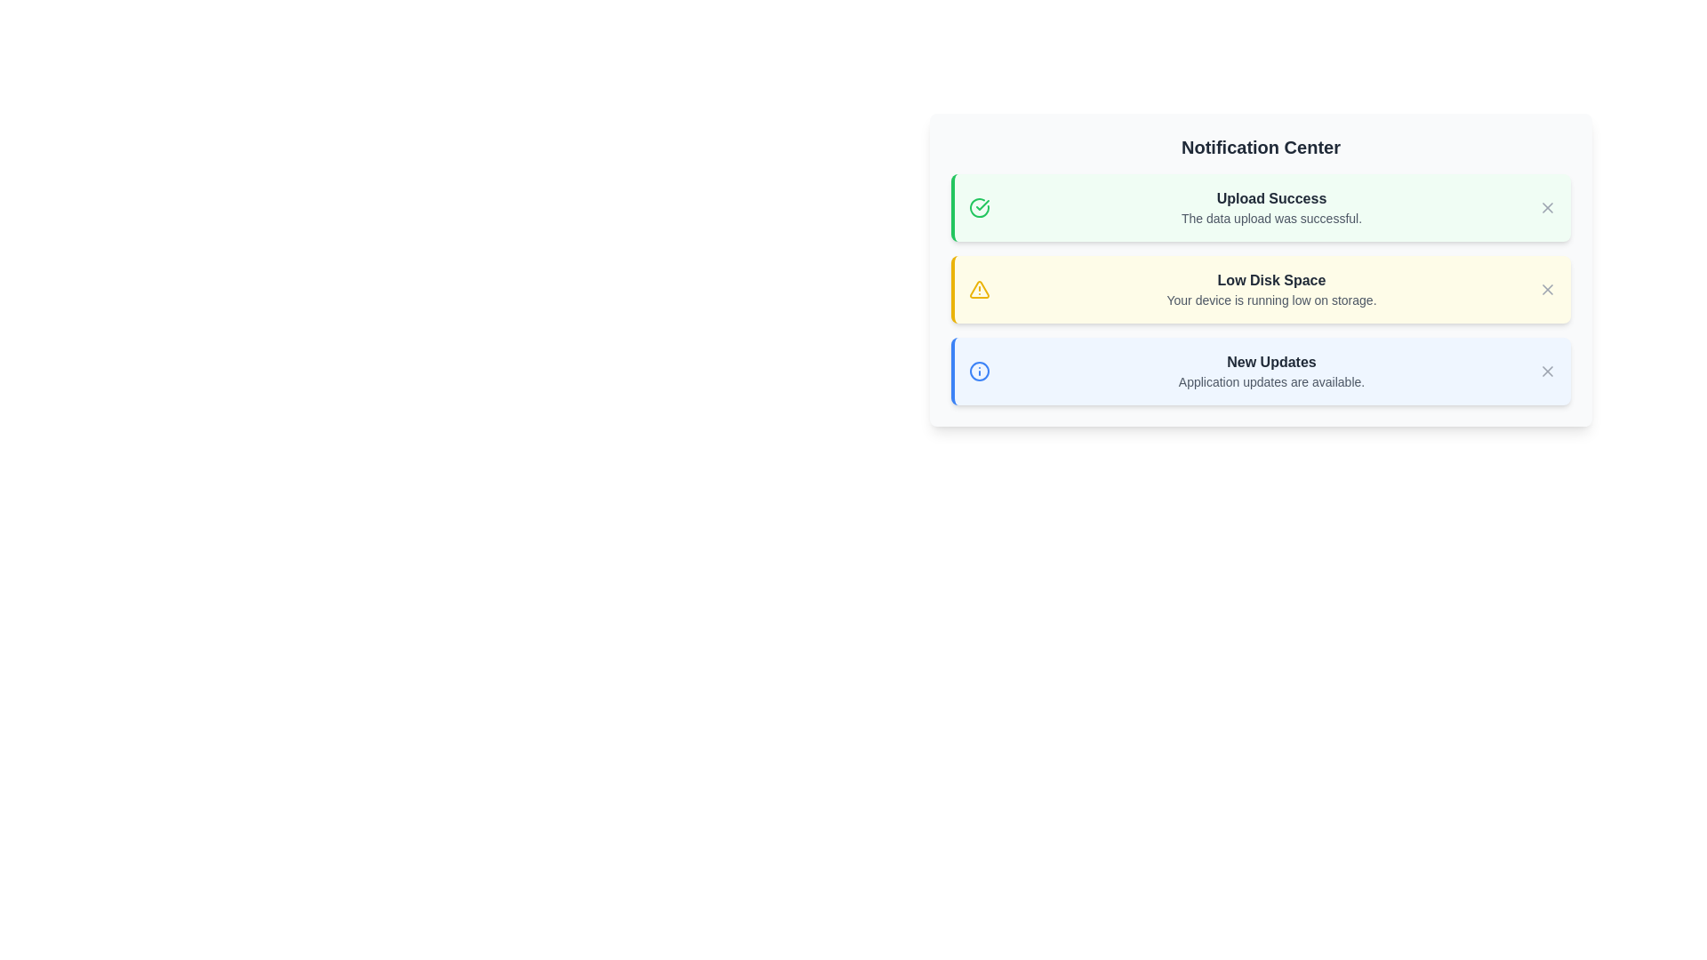 This screenshot has height=960, width=1707. Describe the element at coordinates (1270, 207) in the screenshot. I see `text from the 'Upload Success' notification in the Notification Center panel, which contains a title and a success message` at that location.